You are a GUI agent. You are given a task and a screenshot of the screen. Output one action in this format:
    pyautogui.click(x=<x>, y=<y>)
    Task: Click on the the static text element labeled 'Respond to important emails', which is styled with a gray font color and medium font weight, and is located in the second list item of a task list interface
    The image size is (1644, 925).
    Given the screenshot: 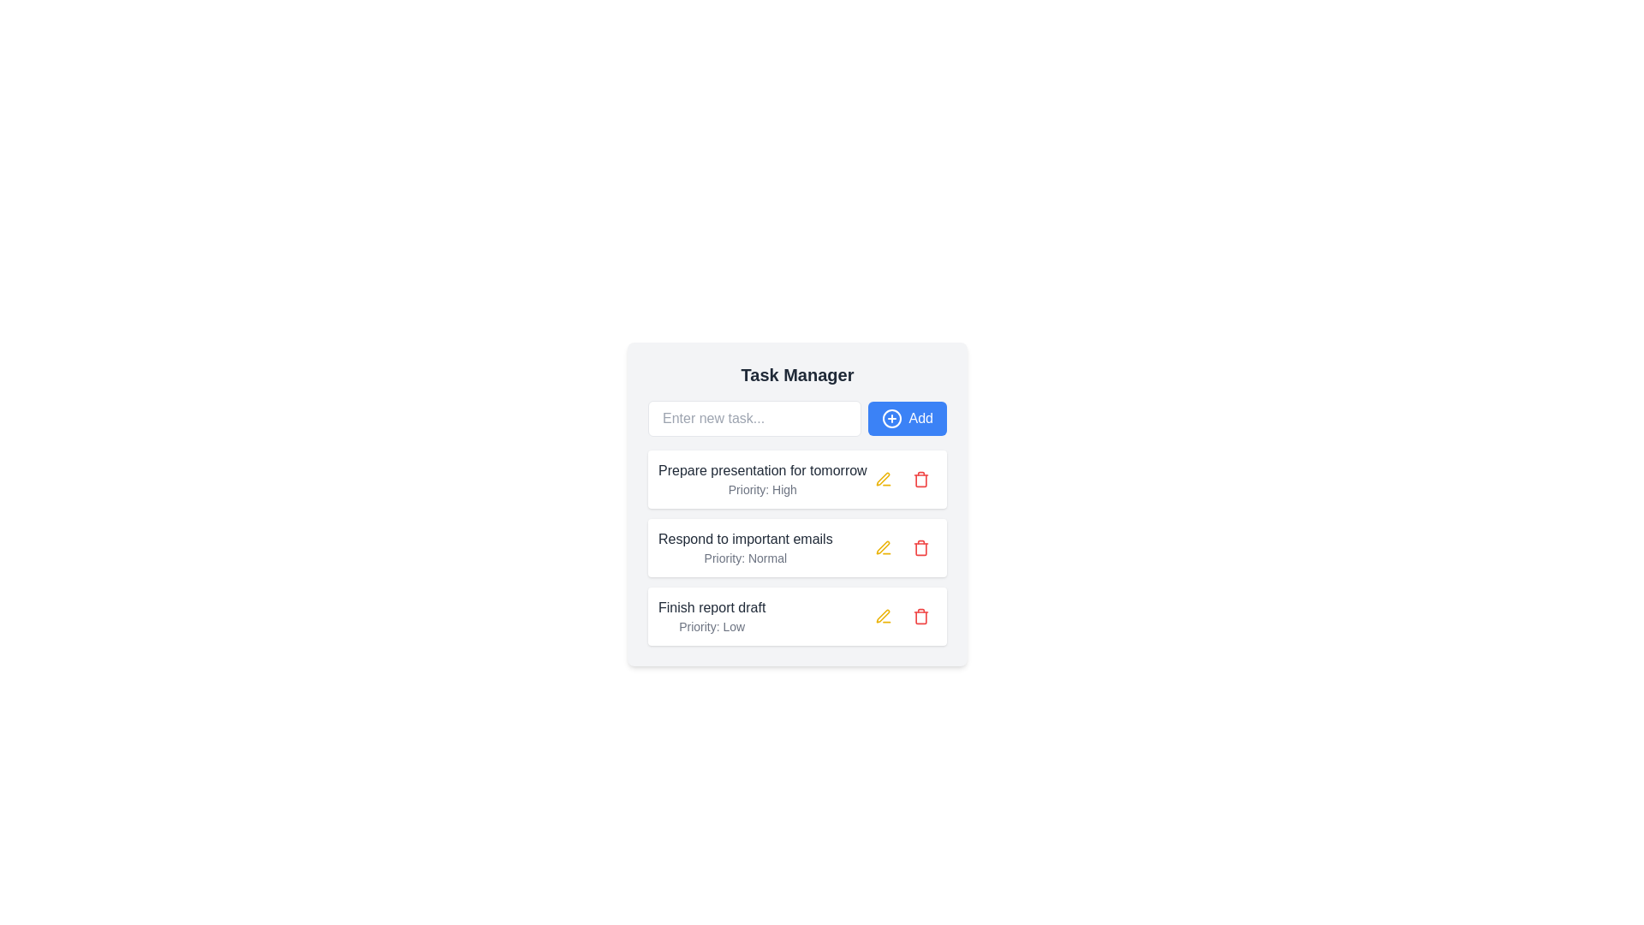 What is the action you would take?
    pyautogui.click(x=745, y=538)
    